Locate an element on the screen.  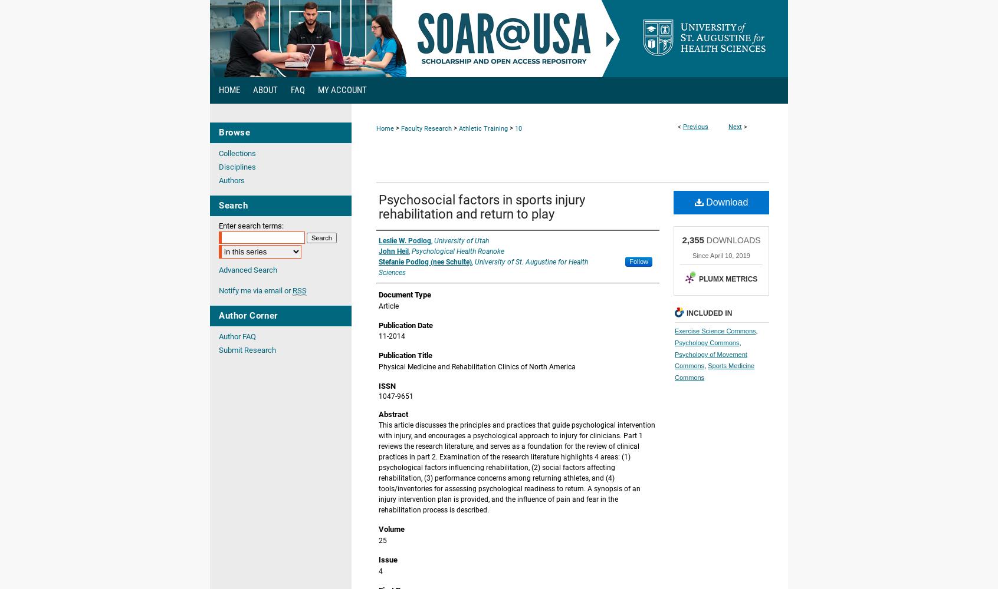
'Volume' is located at coordinates (391, 529).